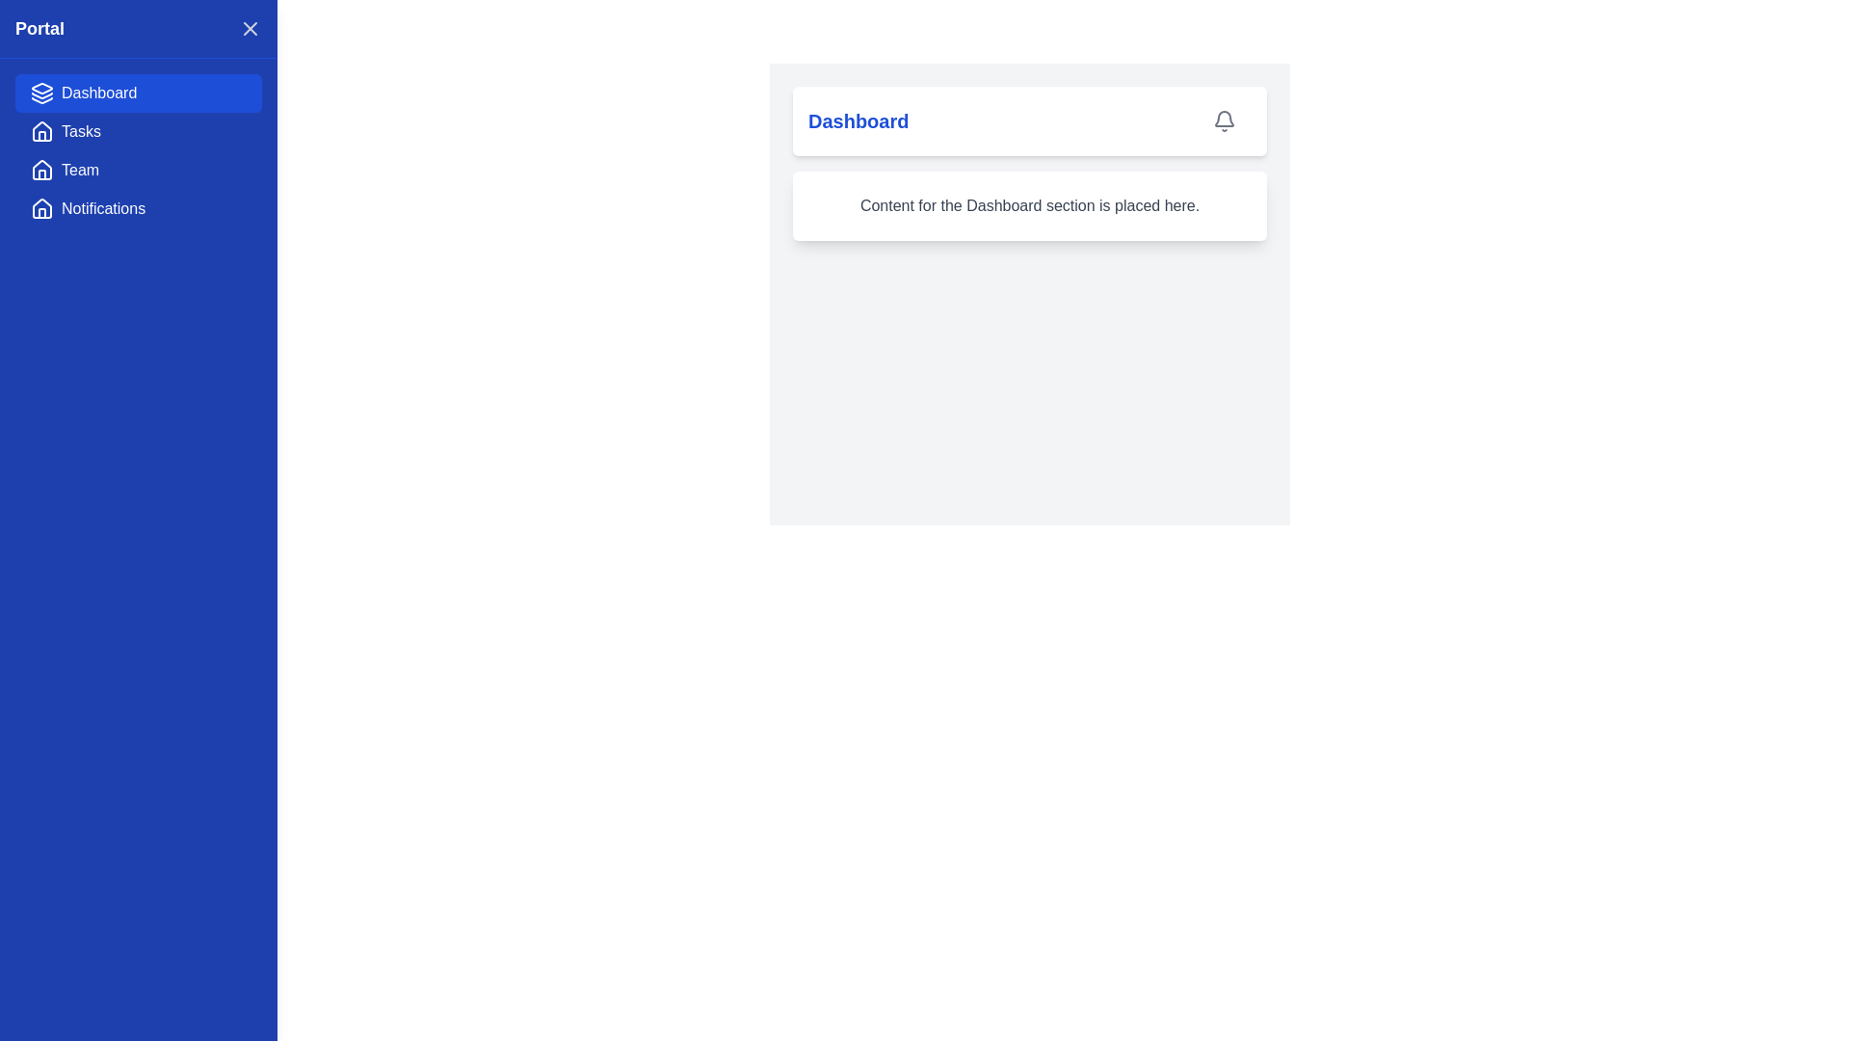  I want to click on the red house-shaped icon in the left navigation menu, which corresponds to the 'Tasks' section, so click(41, 130).